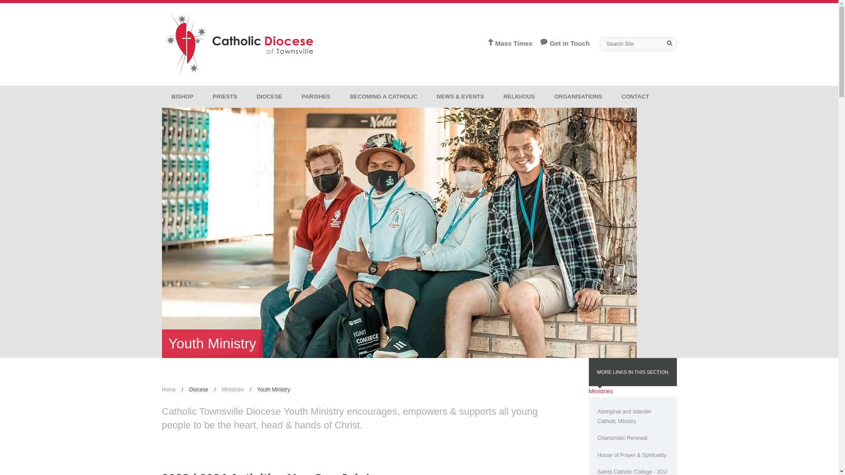  What do you see at coordinates (162, 389) in the screenshot?
I see `'Home'` at bounding box center [162, 389].